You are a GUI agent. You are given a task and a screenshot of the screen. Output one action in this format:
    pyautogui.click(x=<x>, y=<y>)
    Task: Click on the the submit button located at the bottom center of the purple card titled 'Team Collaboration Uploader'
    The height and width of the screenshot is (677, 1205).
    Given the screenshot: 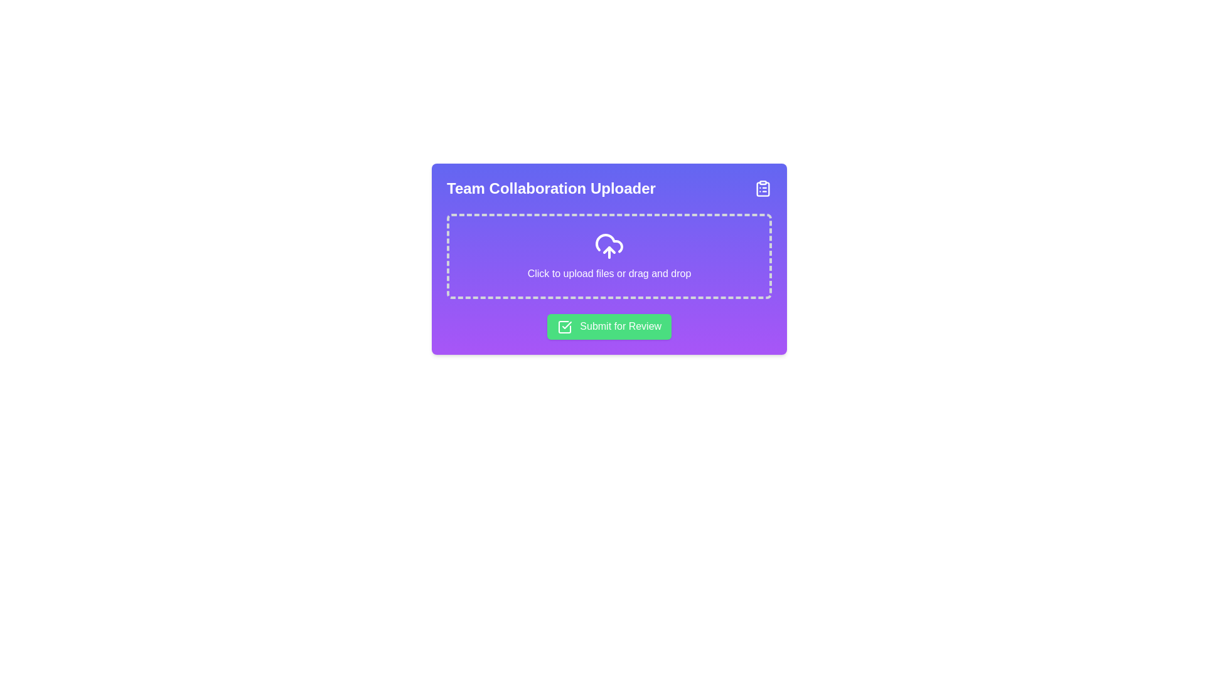 What is the action you would take?
    pyautogui.click(x=609, y=325)
    